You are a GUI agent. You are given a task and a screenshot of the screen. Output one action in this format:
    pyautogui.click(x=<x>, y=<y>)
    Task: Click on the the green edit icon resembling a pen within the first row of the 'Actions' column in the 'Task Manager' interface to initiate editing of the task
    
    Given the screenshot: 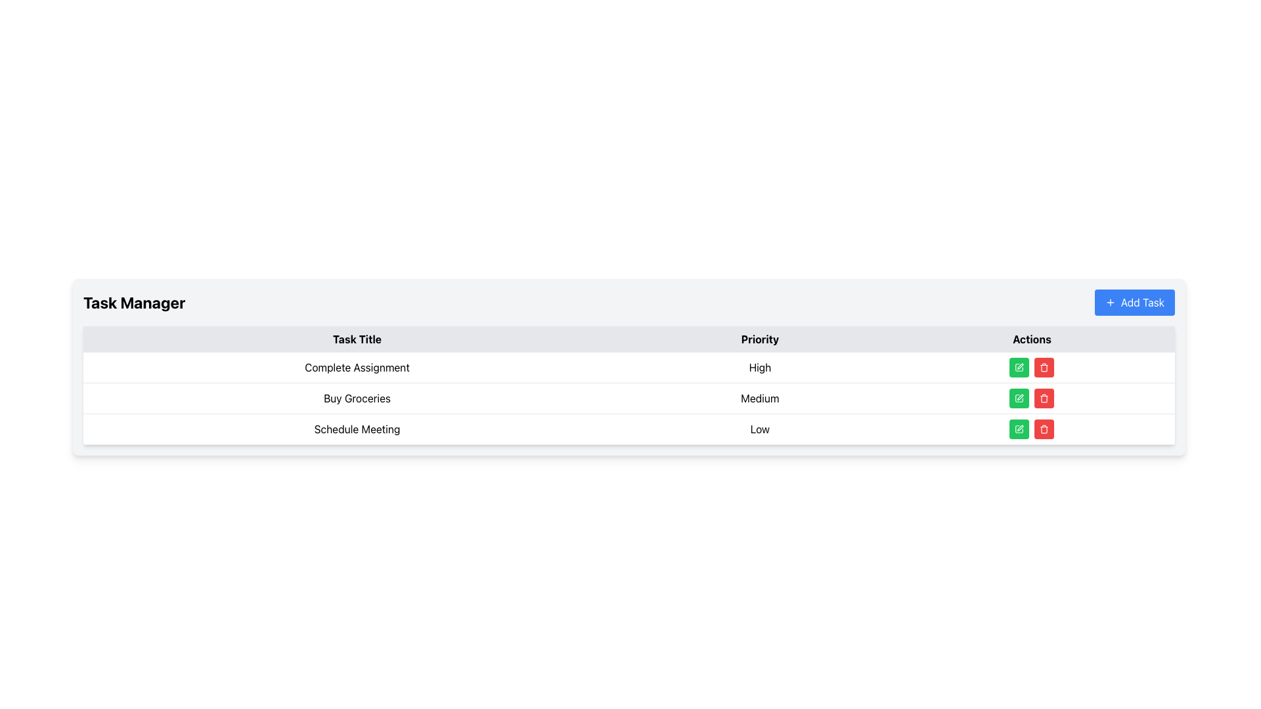 What is the action you would take?
    pyautogui.click(x=1018, y=367)
    